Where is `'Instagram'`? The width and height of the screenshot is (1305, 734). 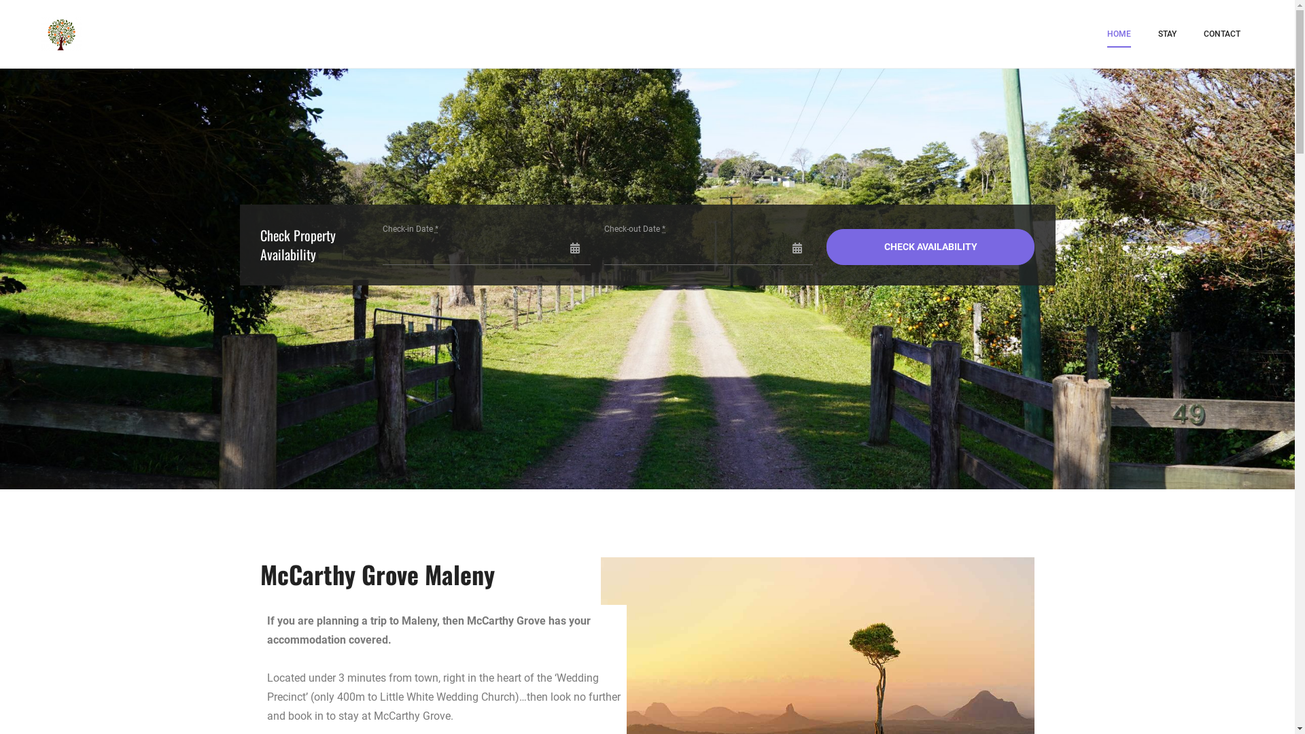 'Instagram' is located at coordinates (648, 558).